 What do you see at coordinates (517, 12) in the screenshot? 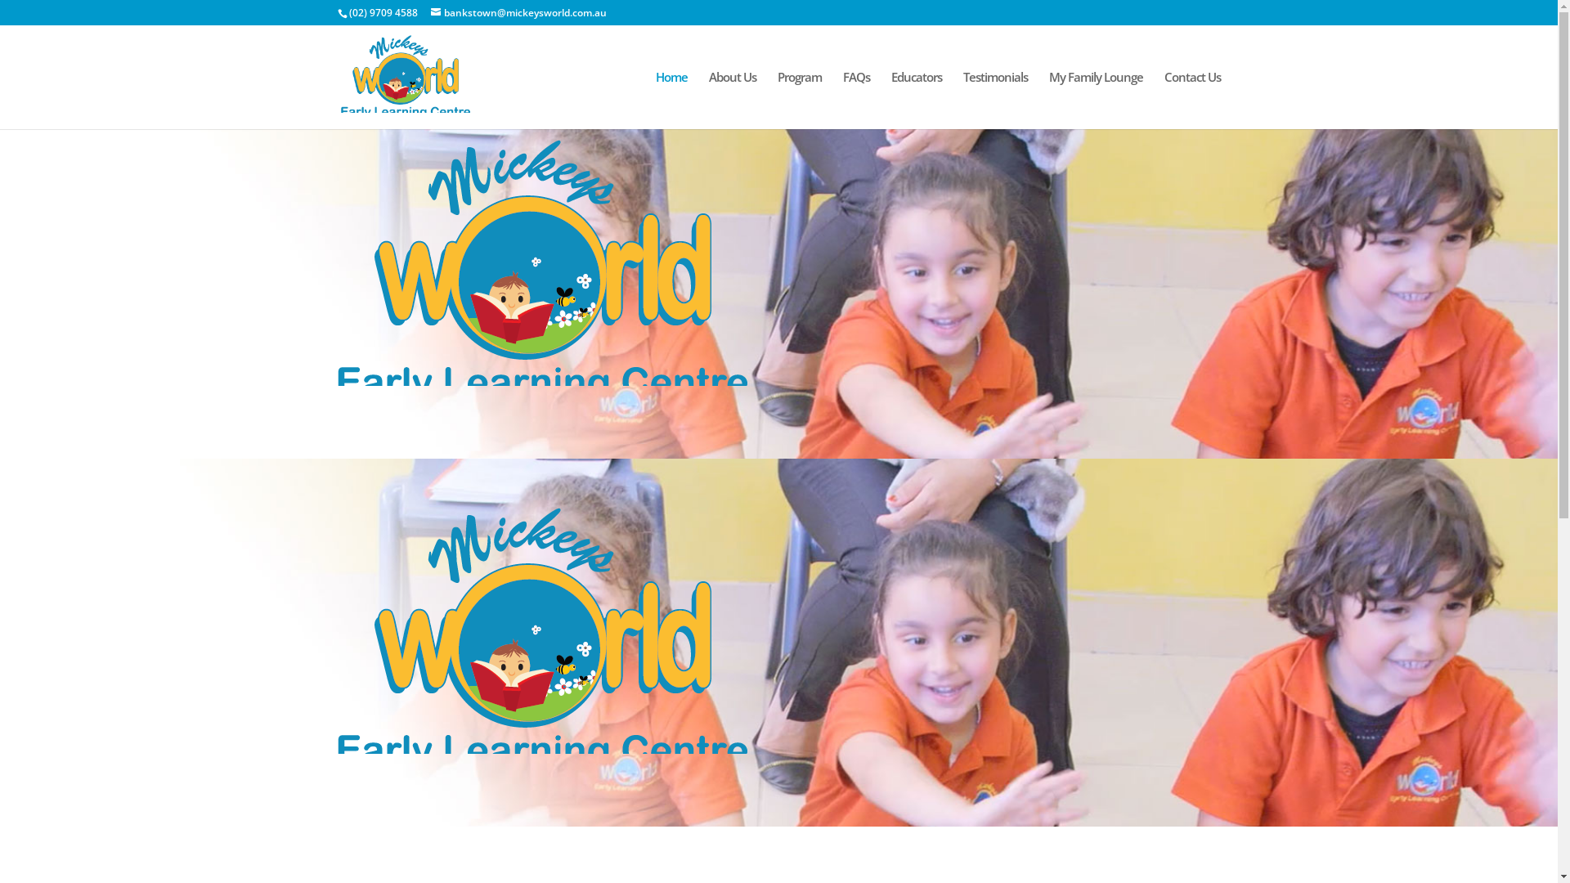
I see `'bankstown@mickeysworld.com.au'` at bounding box center [517, 12].